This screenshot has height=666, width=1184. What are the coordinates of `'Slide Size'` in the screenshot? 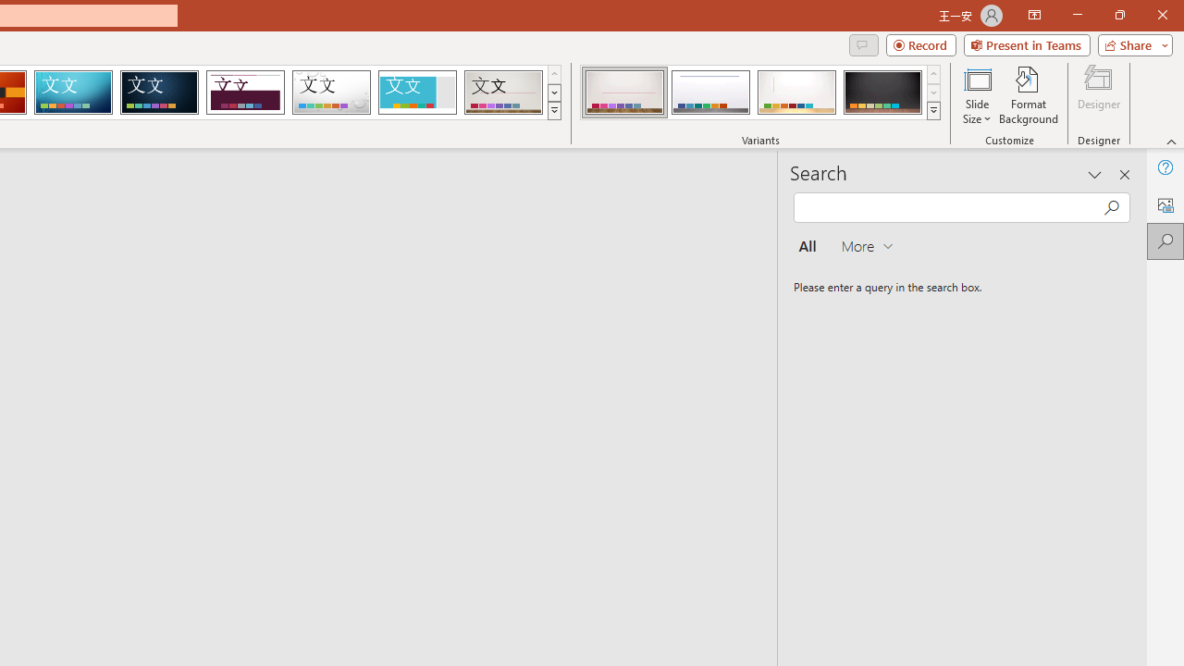 It's located at (976, 95).